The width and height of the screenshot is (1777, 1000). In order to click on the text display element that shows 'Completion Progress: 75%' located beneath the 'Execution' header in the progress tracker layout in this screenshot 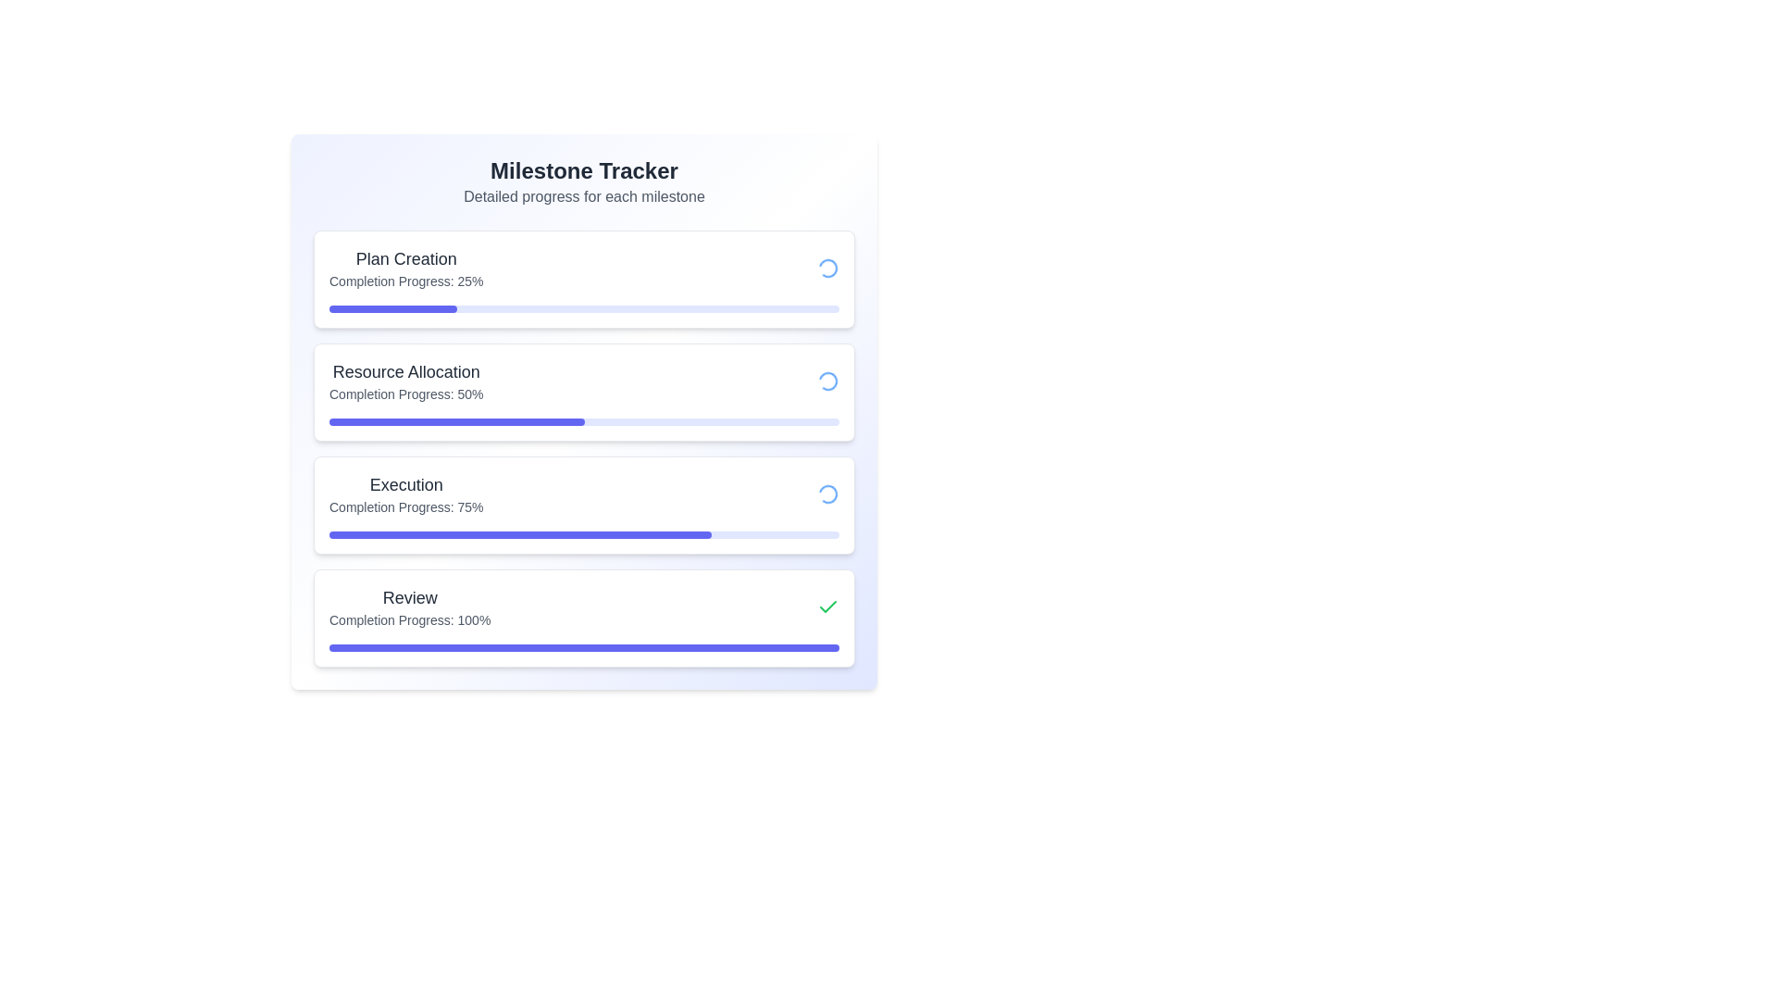, I will do `click(405, 506)`.